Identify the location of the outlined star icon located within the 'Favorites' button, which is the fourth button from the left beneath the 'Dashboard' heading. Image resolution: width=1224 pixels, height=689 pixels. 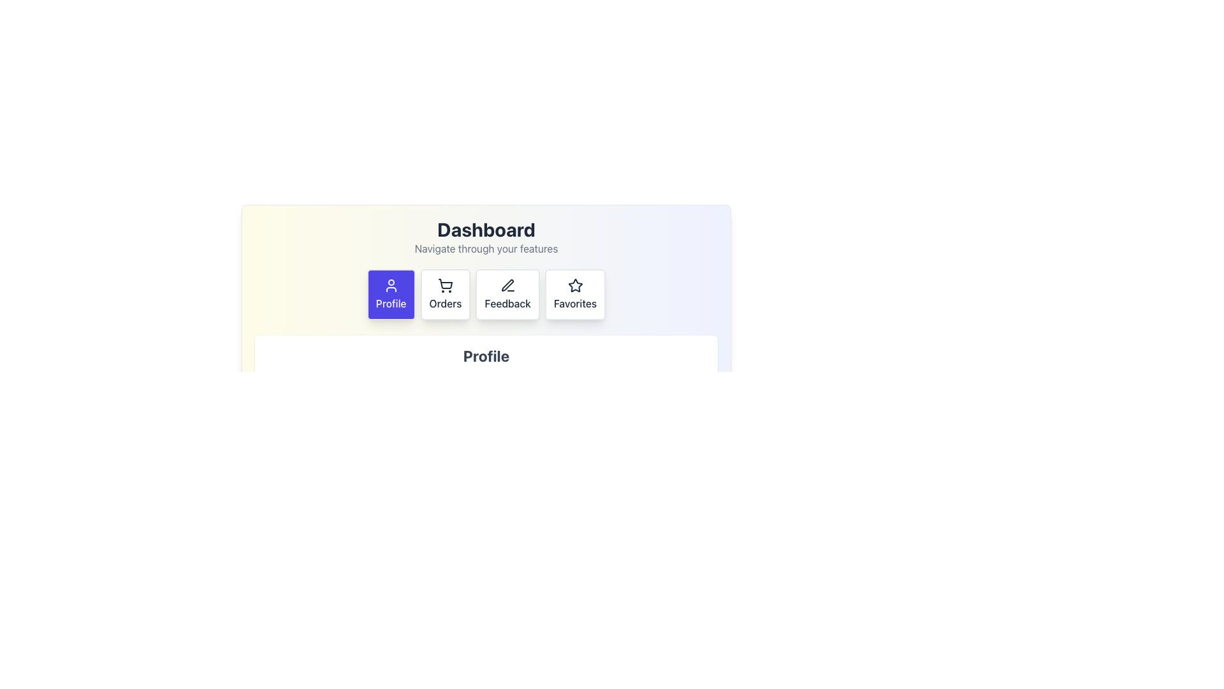
(574, 285).